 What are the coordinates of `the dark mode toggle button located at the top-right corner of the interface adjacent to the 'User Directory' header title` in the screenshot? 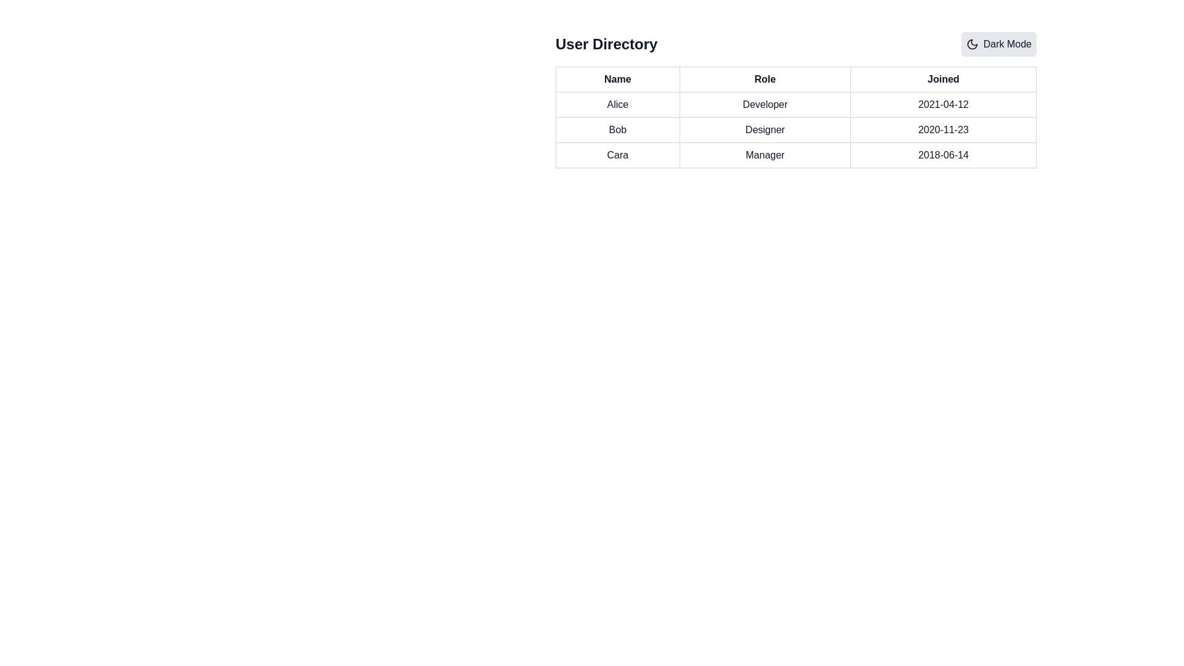 It's located at (998, 44).